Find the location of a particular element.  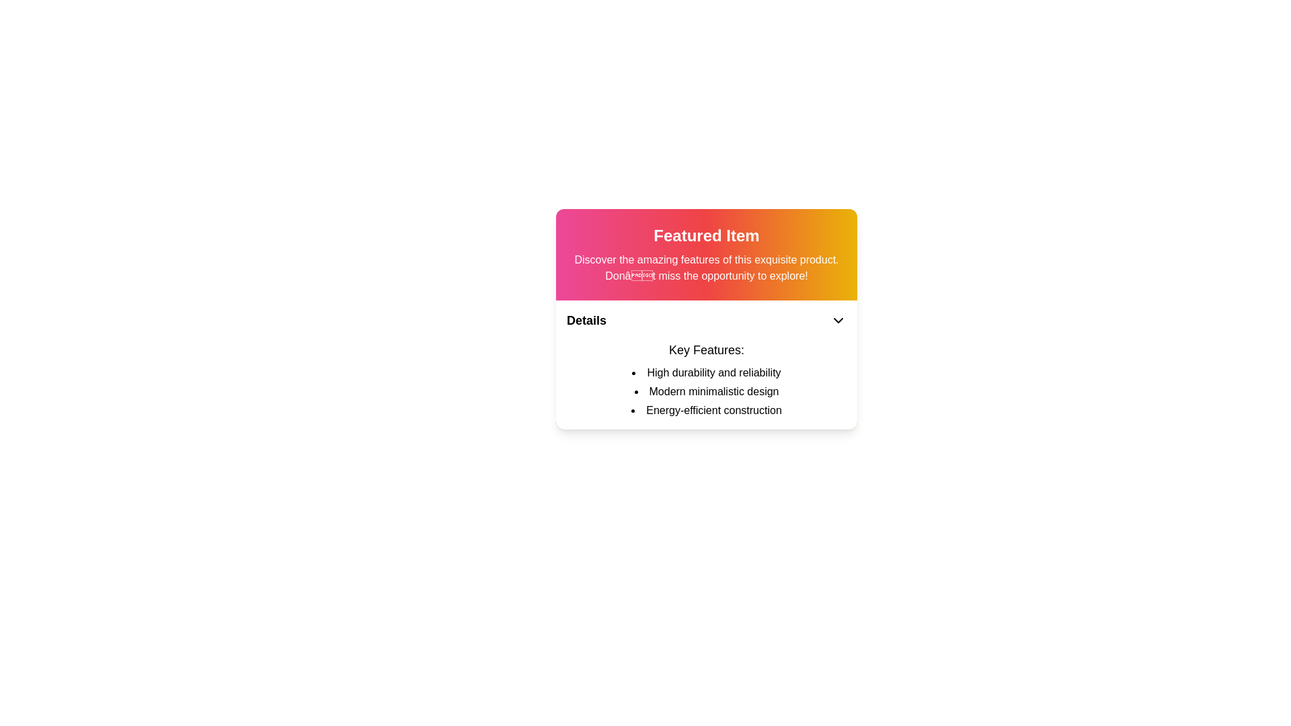

the prominent bold text 'Featured Item' displayed at the top of the section, above the descriptive text is located at coordinates (706, 235).